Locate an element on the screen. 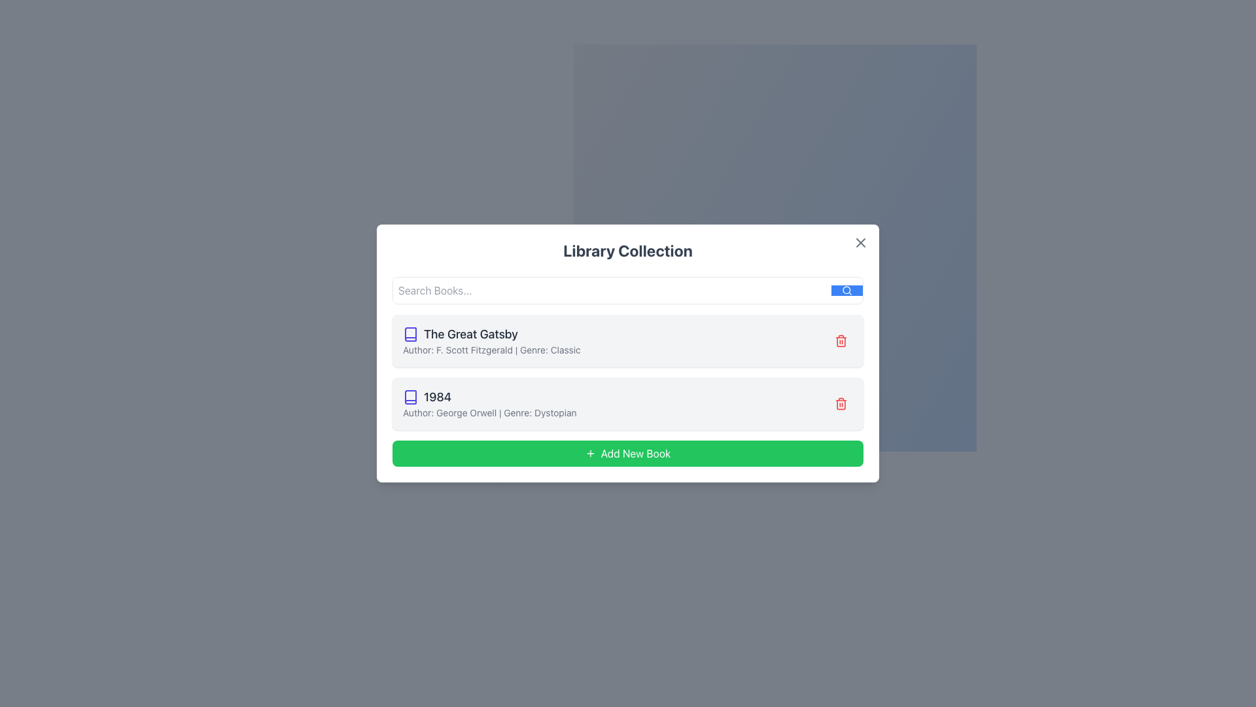  the Text Label that displays the title of the first book in the Library Collection section is located at coordinates (491, 333).